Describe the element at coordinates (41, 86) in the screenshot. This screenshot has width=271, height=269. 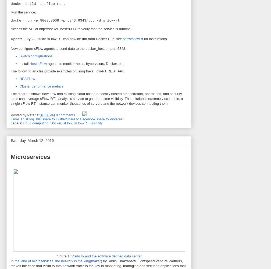
I see `'Cluster performance metrics'` at that location.